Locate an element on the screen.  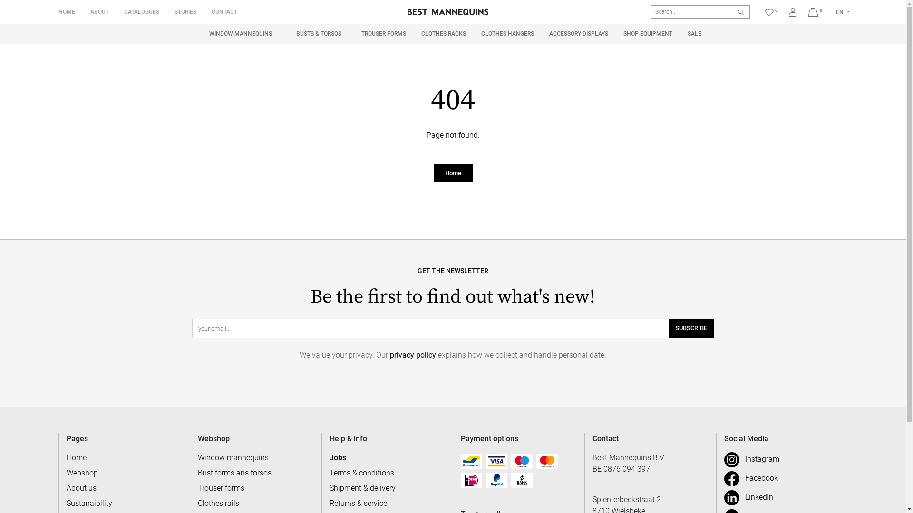
'Terms & conditions' is located at coordinates (361, 473).